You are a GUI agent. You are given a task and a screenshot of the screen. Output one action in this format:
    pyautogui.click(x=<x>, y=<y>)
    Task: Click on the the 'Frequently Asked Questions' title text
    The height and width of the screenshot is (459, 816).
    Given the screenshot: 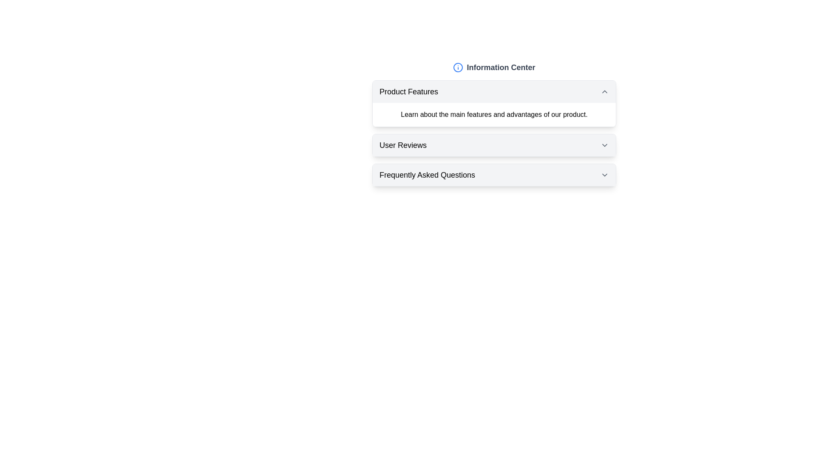 What is the action you would take?
    pyautogui.click(x=427, y=175)
    